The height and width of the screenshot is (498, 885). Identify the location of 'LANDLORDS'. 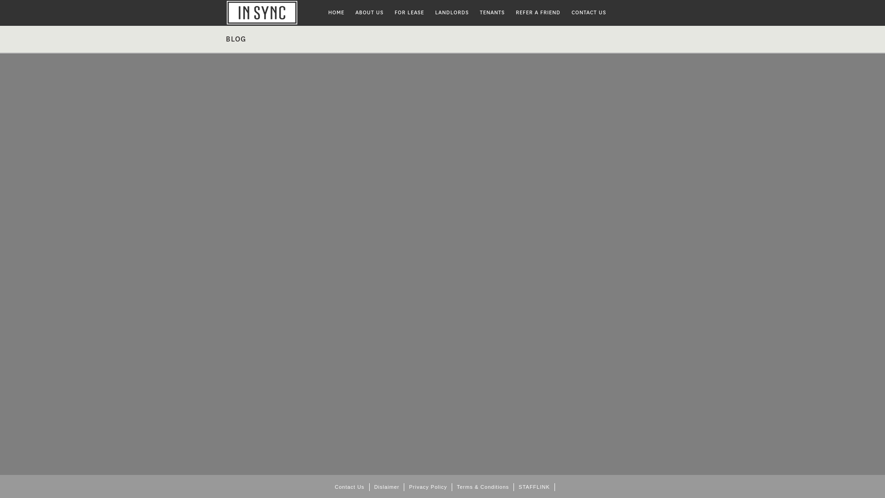
(452, 12).